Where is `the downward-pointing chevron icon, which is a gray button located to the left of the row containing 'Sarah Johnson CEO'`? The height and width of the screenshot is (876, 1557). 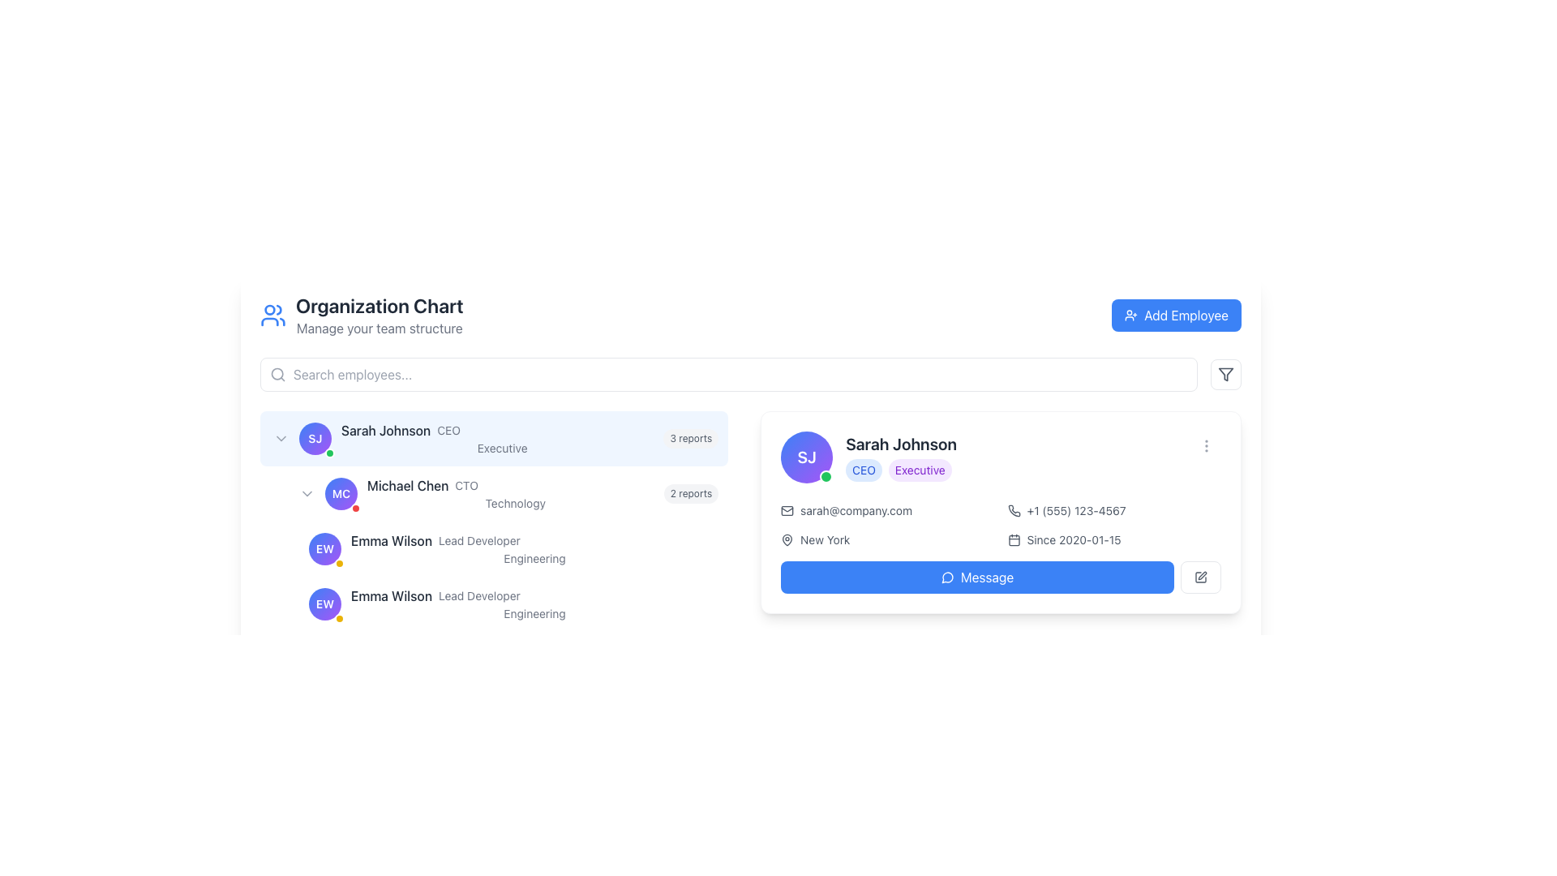
the downward-pointing chevron icon, which is a gray button located to the left of the row containing 'Sarah Johnson CEO' is located at coordinates (281, 438).